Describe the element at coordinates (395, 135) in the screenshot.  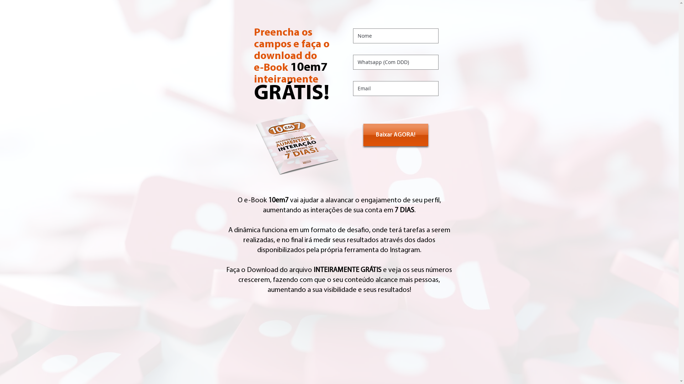
I see `'Baixar AGORA!'` at that location.